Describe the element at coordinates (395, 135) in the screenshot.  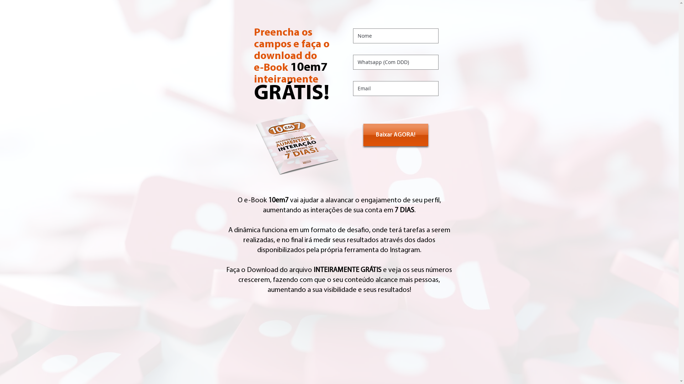
I see `'Baixar AGORA!'` at that location.